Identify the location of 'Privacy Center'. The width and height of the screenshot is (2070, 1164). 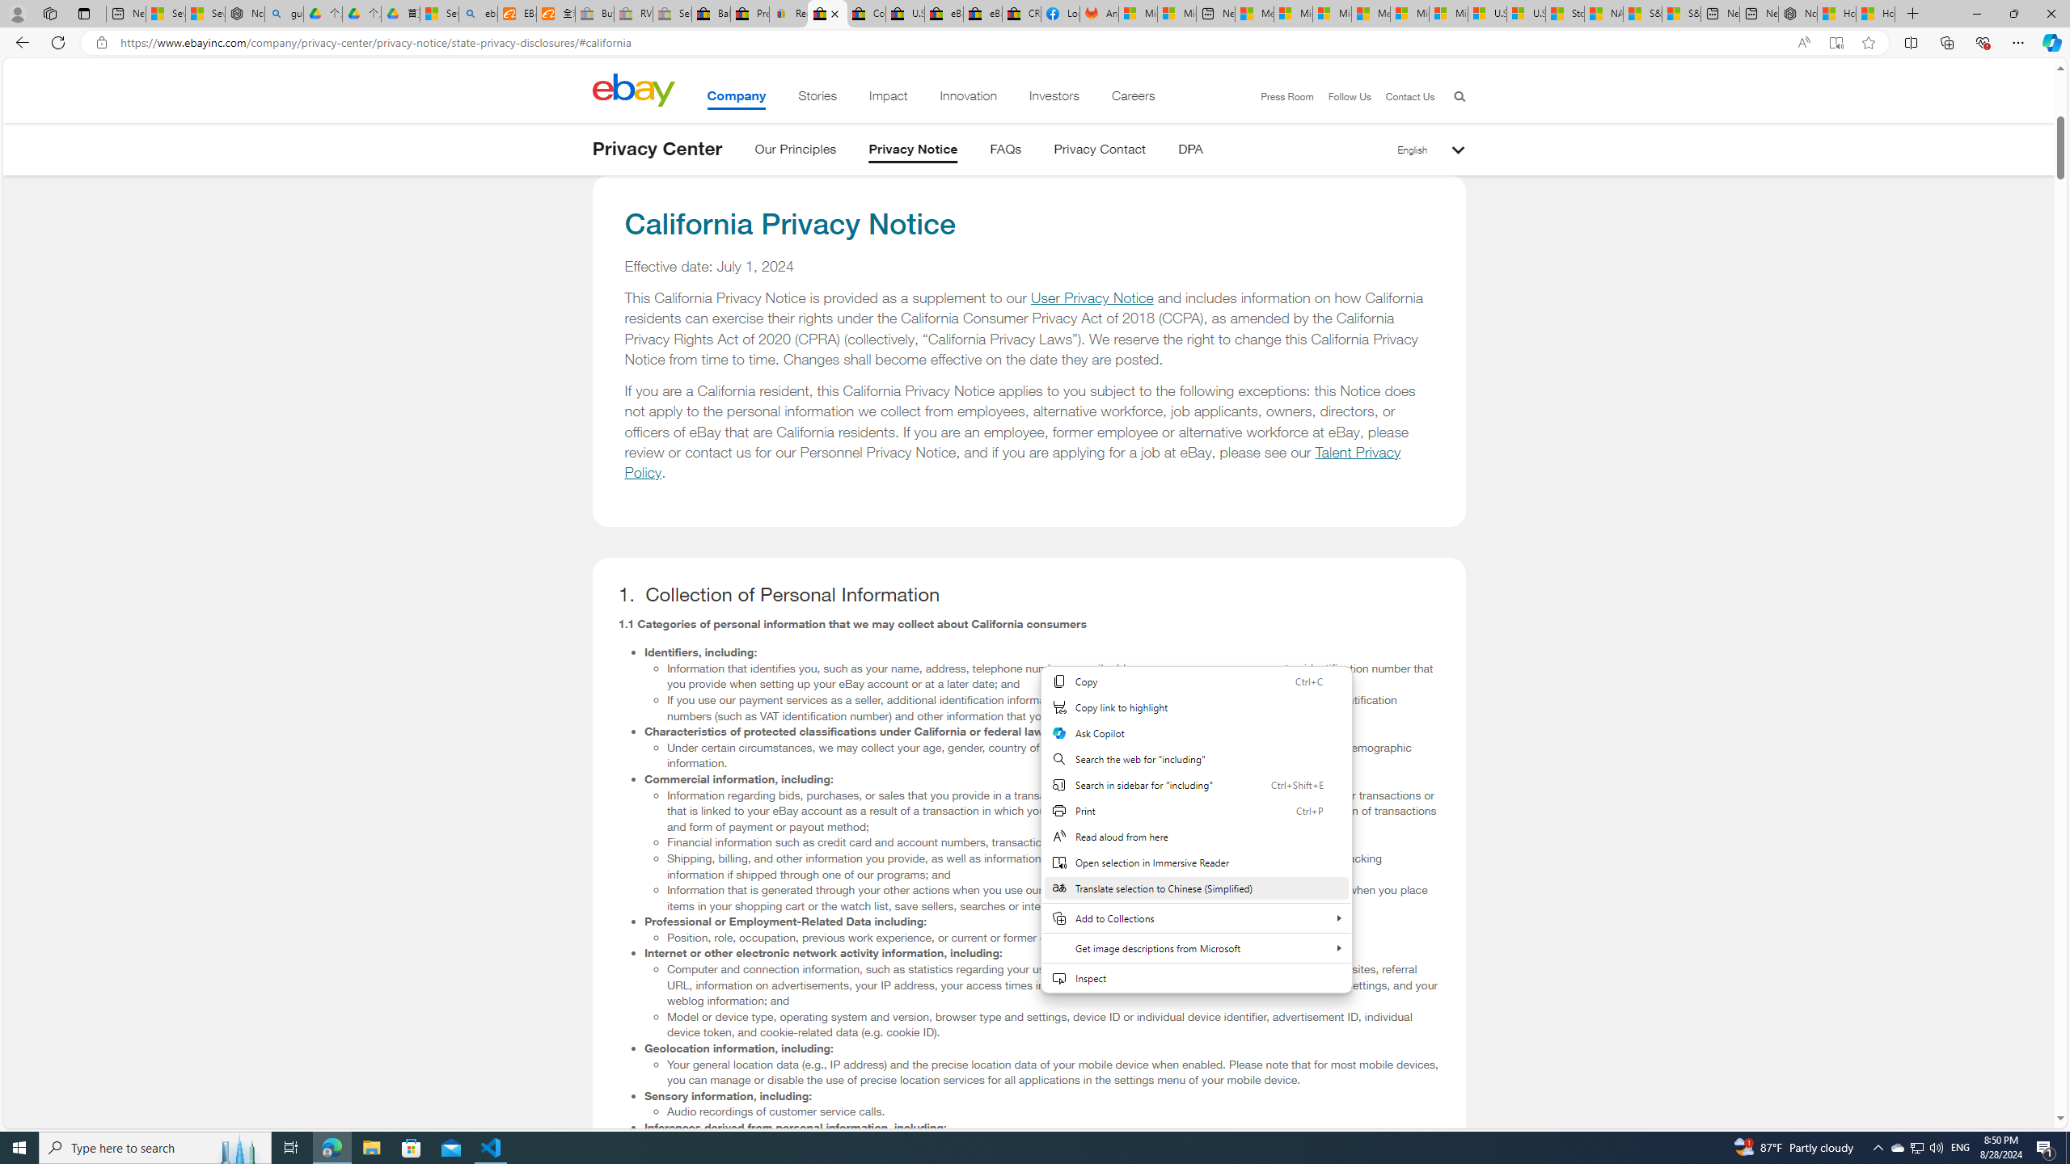
(656, 148).